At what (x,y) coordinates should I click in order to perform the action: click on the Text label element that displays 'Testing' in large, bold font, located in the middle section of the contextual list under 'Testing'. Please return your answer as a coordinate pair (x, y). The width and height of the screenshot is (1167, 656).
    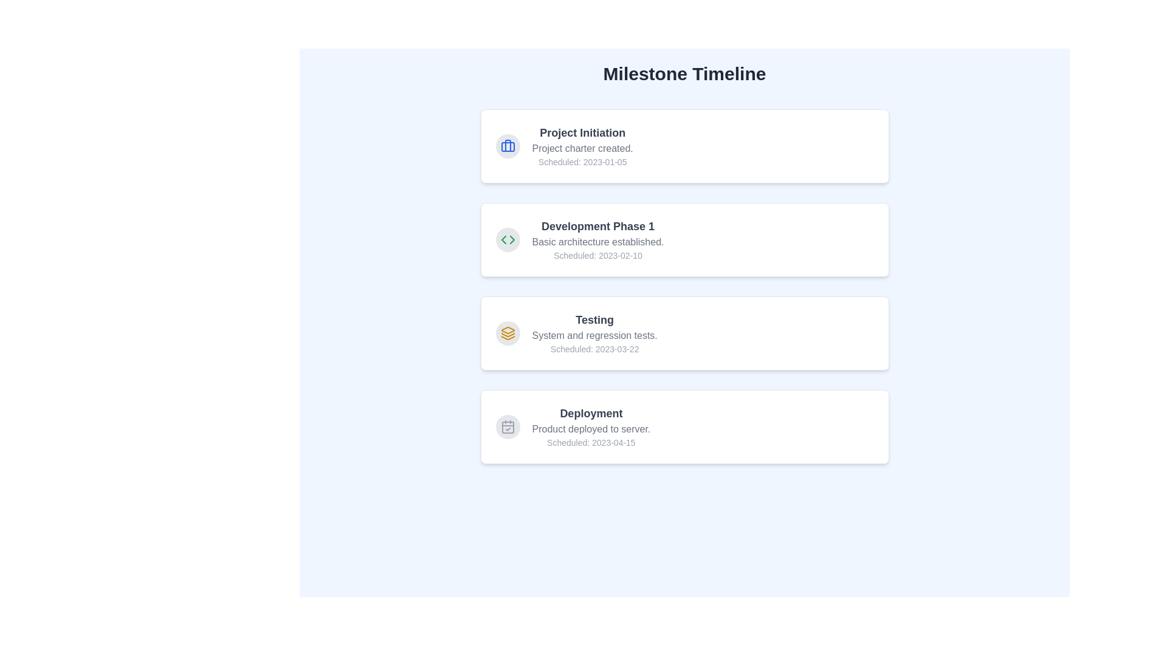
    Looking at the image, I should click on (594, 319).